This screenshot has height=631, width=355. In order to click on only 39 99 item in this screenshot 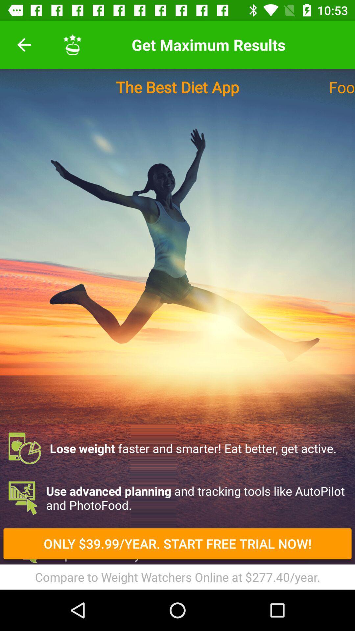, I will do `click(177, 544)`.